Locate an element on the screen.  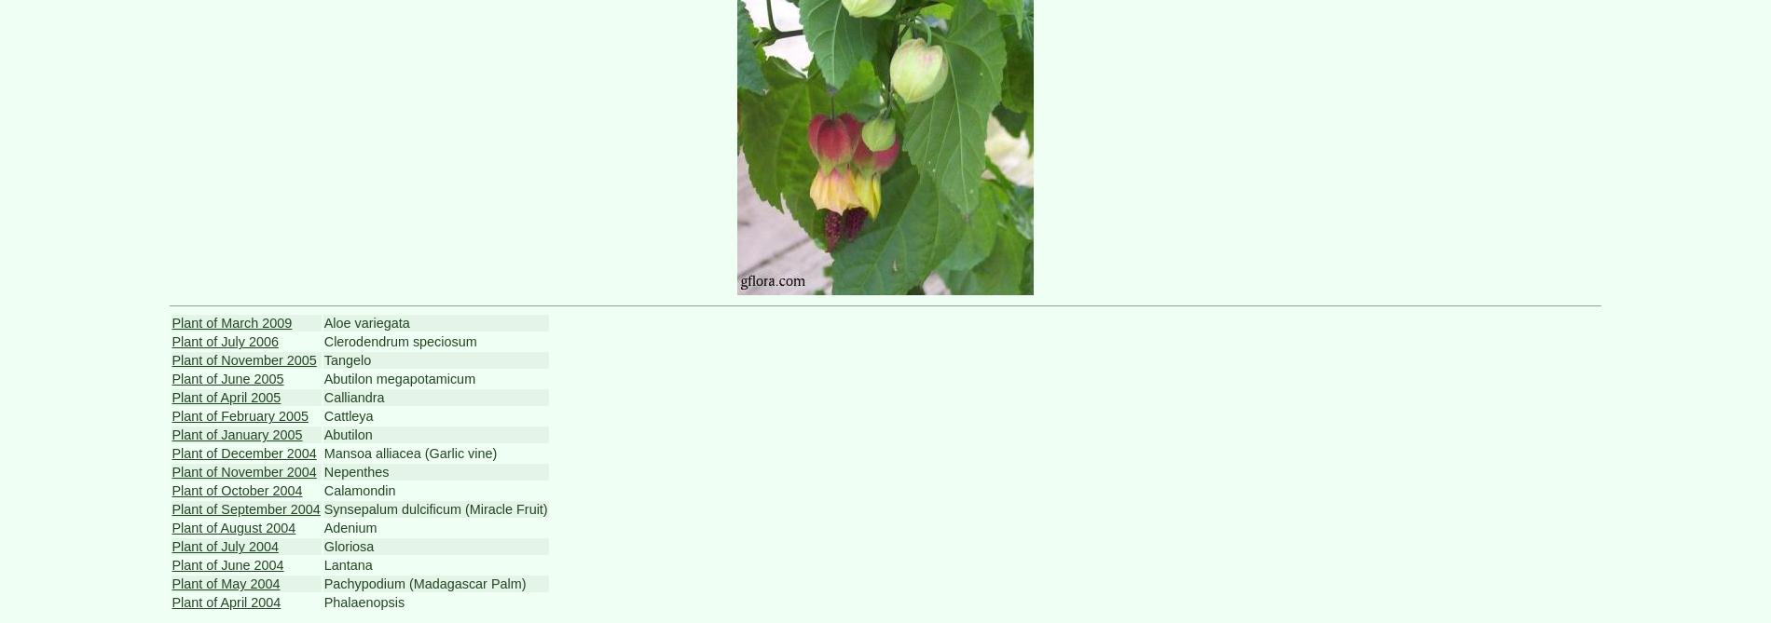
'Plant of October 2004' is located at coordinates (236, 490).